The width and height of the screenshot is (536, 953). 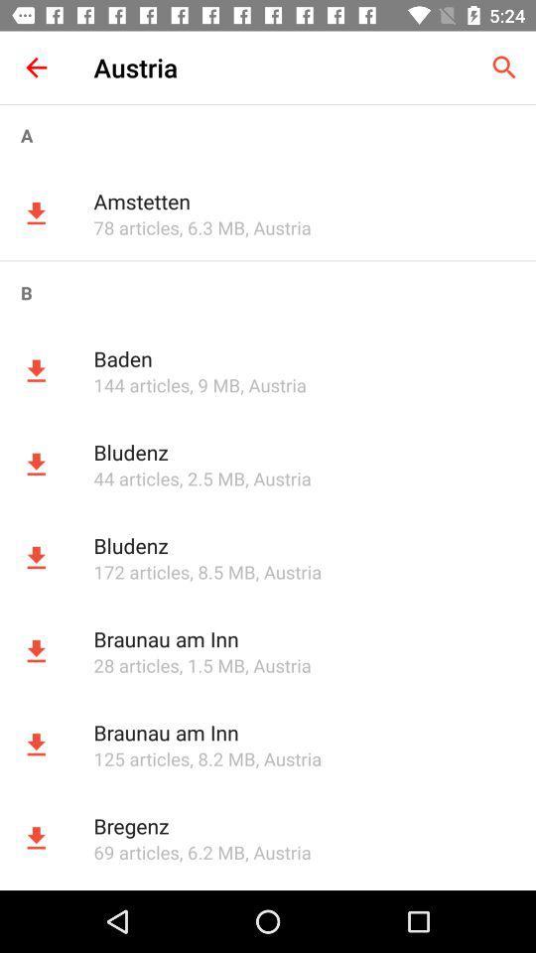 I want to click on app above a, so click(x=36, y=68).